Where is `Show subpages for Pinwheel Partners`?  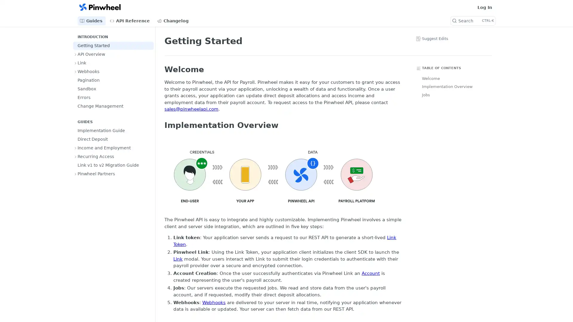 Show subpages for Pinwheel Partners is located at coordinates (76, 174).